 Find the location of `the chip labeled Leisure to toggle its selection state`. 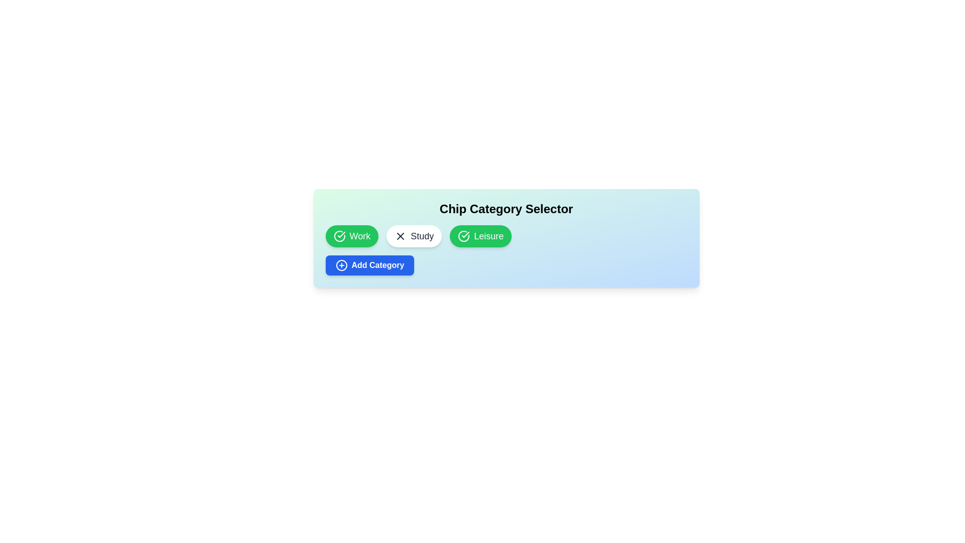

the chip labeled Leisure to toggle its selection state is located at coordinates (480, 236).